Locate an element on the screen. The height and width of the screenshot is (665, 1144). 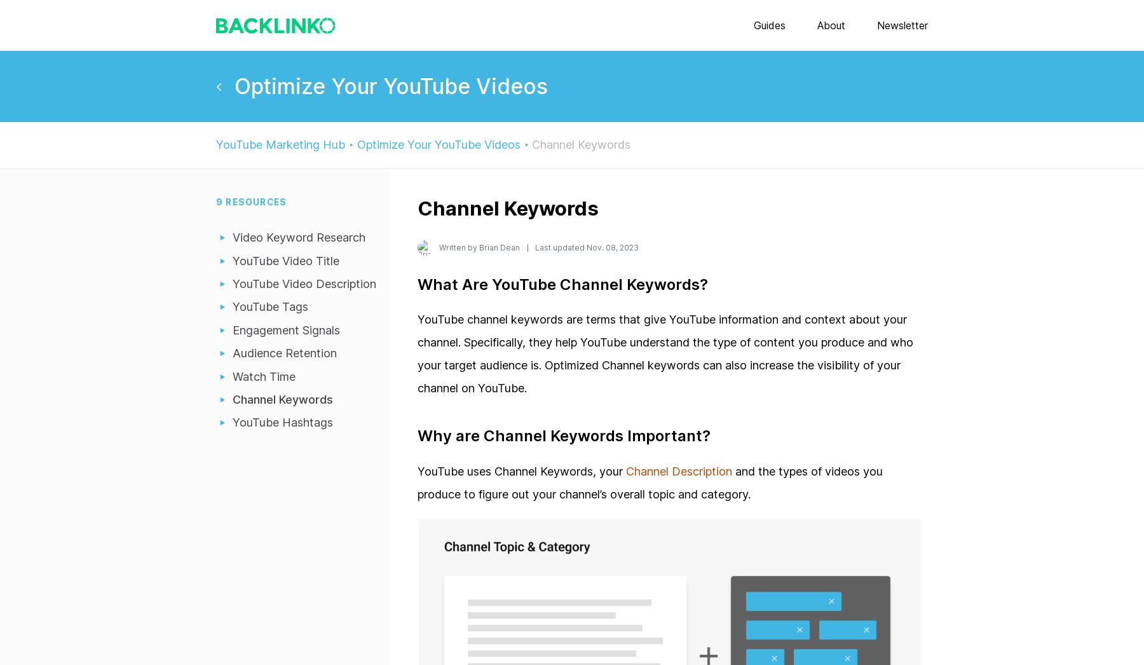
'Link Building for SEO' is located at coordinates (572, 133).